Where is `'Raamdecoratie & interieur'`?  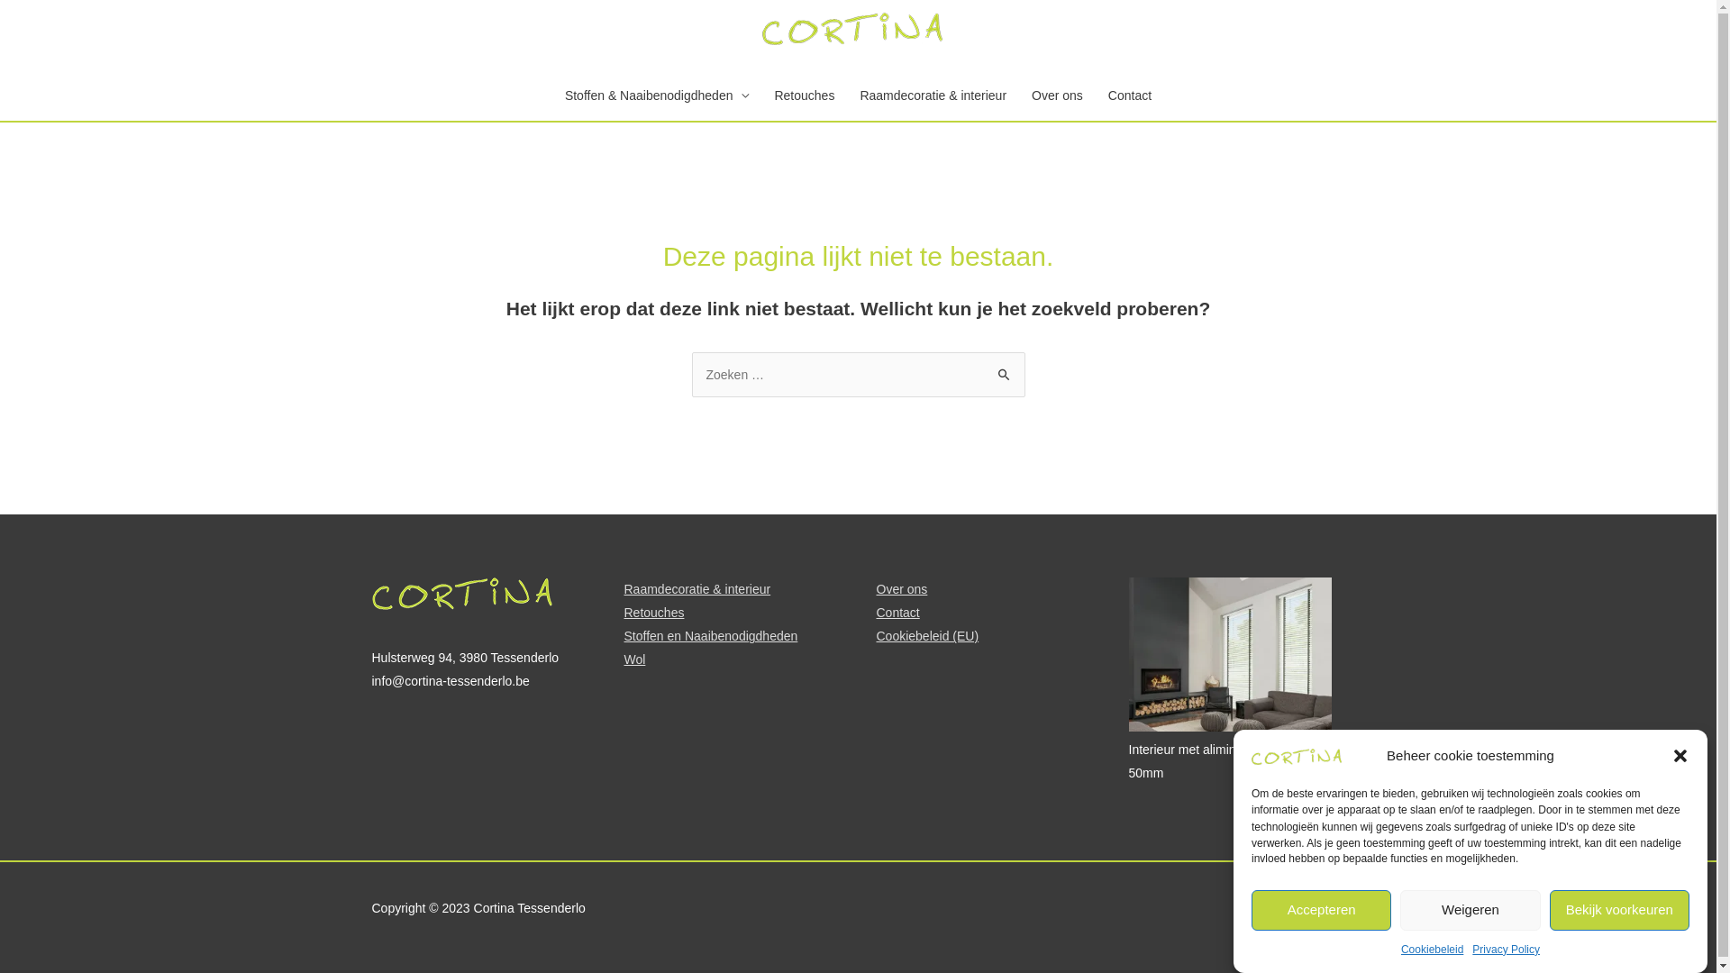 'Raamdecoratie & interieur' is located at coordinates (933, 95).